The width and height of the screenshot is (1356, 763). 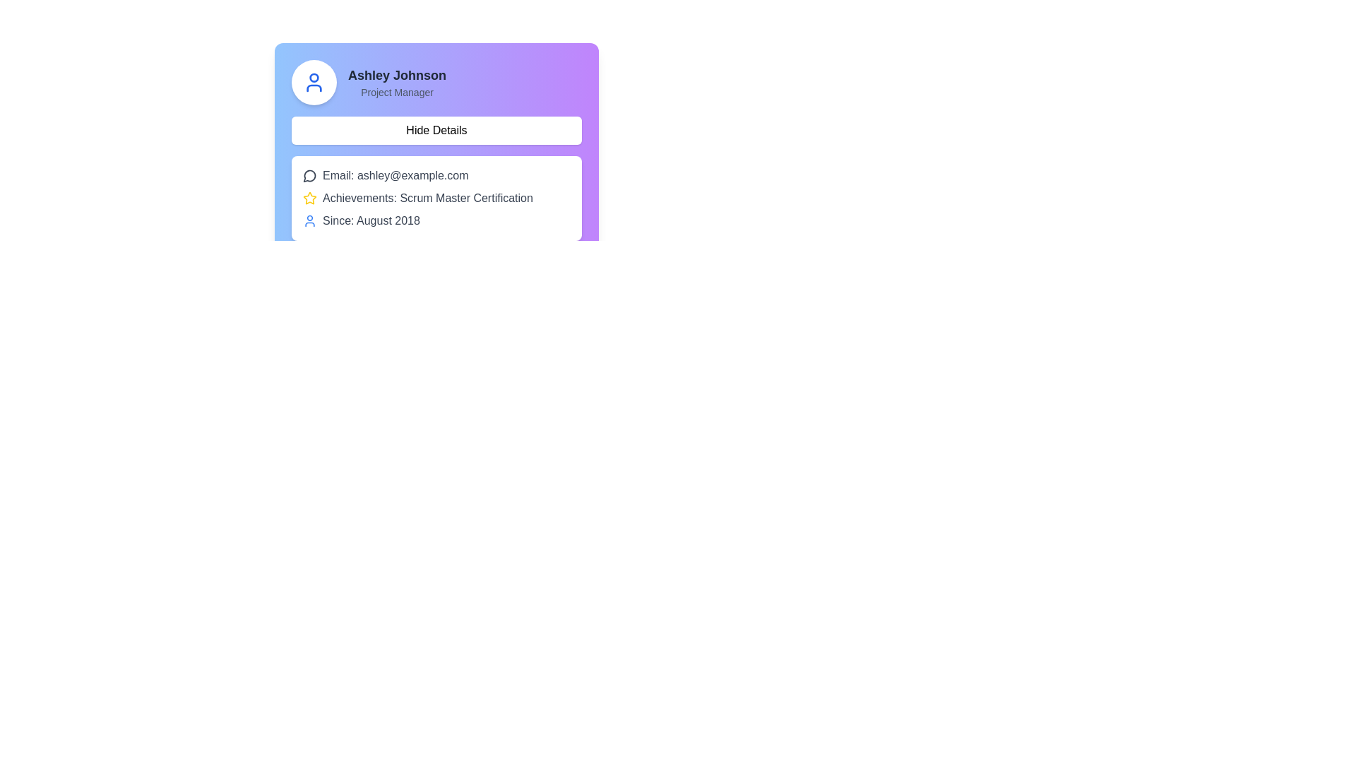 I want to click on the static text label that displays the 'Scrum Master Certification' achievement, located to the right of a yellow star icon in the user details section, so click(x=427, y=199).